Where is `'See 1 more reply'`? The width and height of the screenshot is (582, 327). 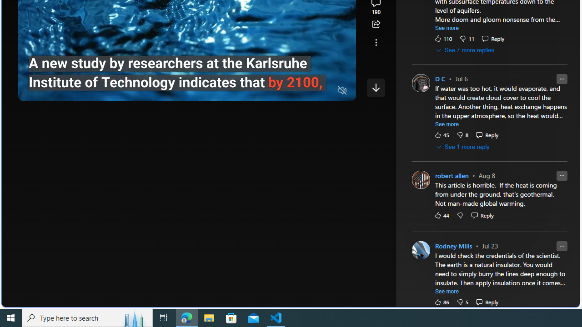 'See 1 more reply' is located at coordinates (463, 146).